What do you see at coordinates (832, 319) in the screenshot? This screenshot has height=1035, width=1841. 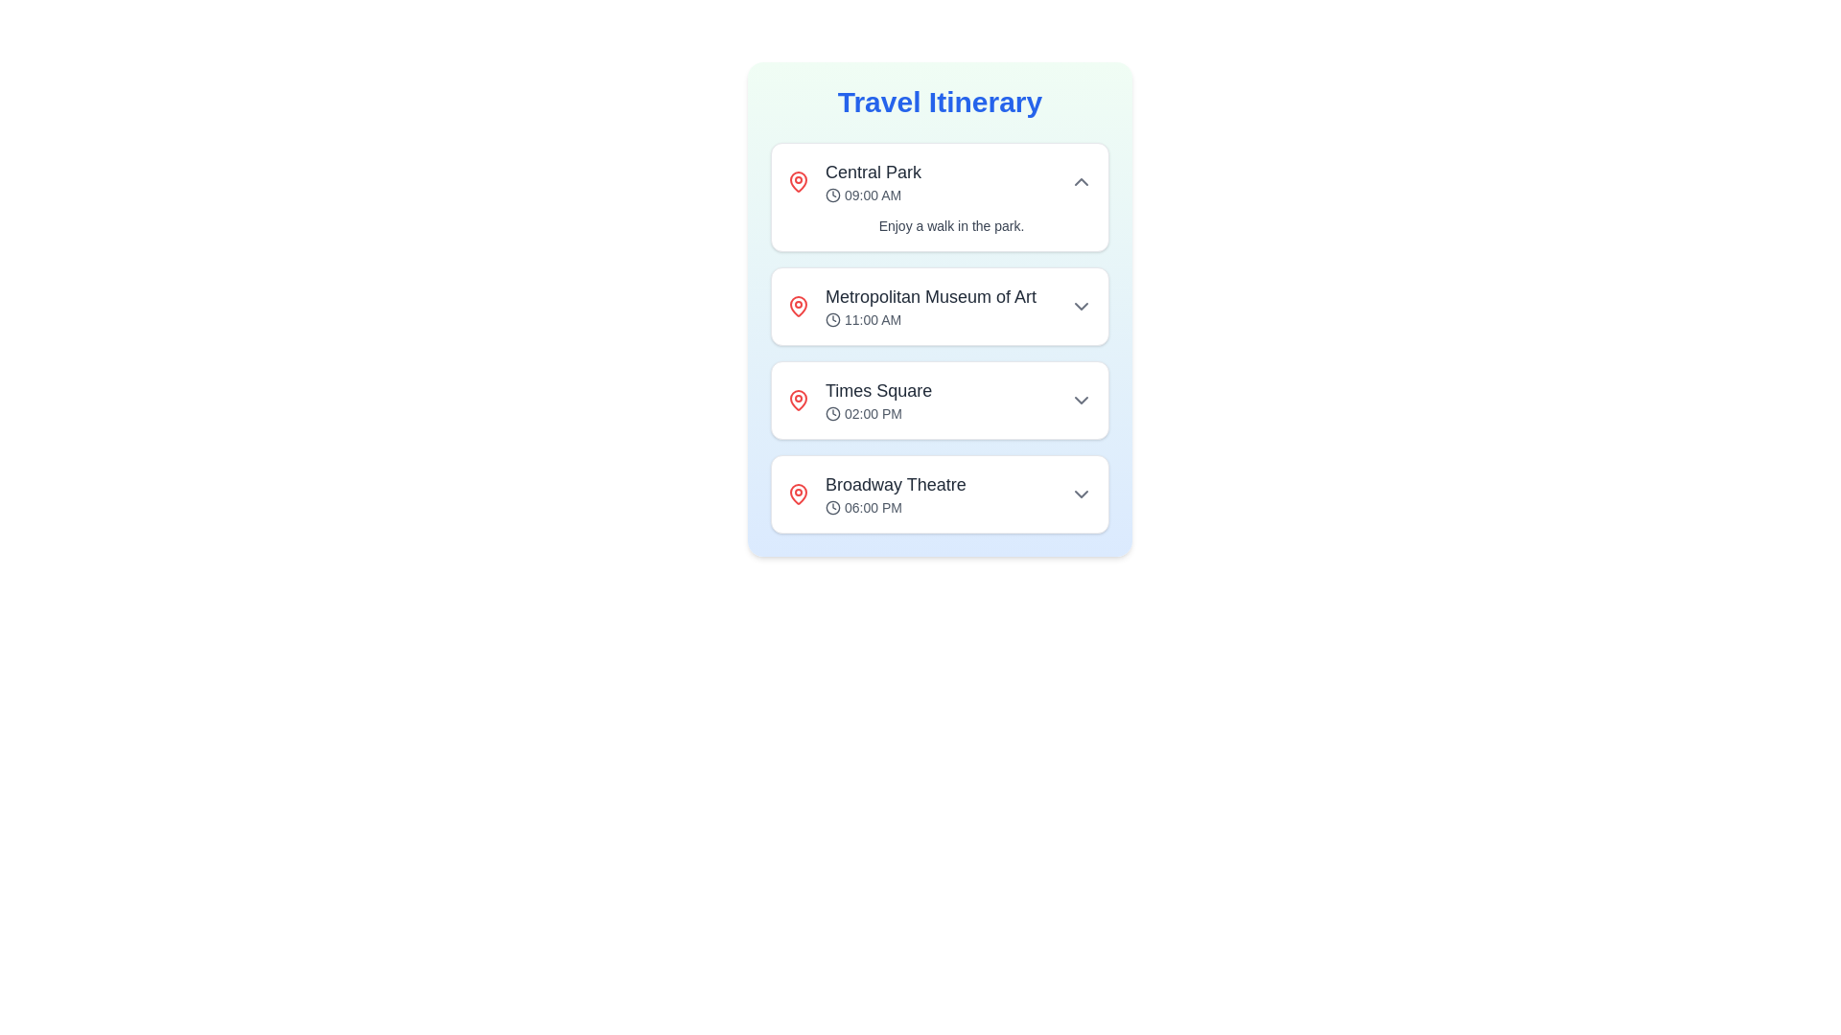 I see `the time icon located to the left of the text block displaying '11:00 AM' in the second itinerary section titled 'Metropolitan Museum of Art'` at bounding box center [832, 319].